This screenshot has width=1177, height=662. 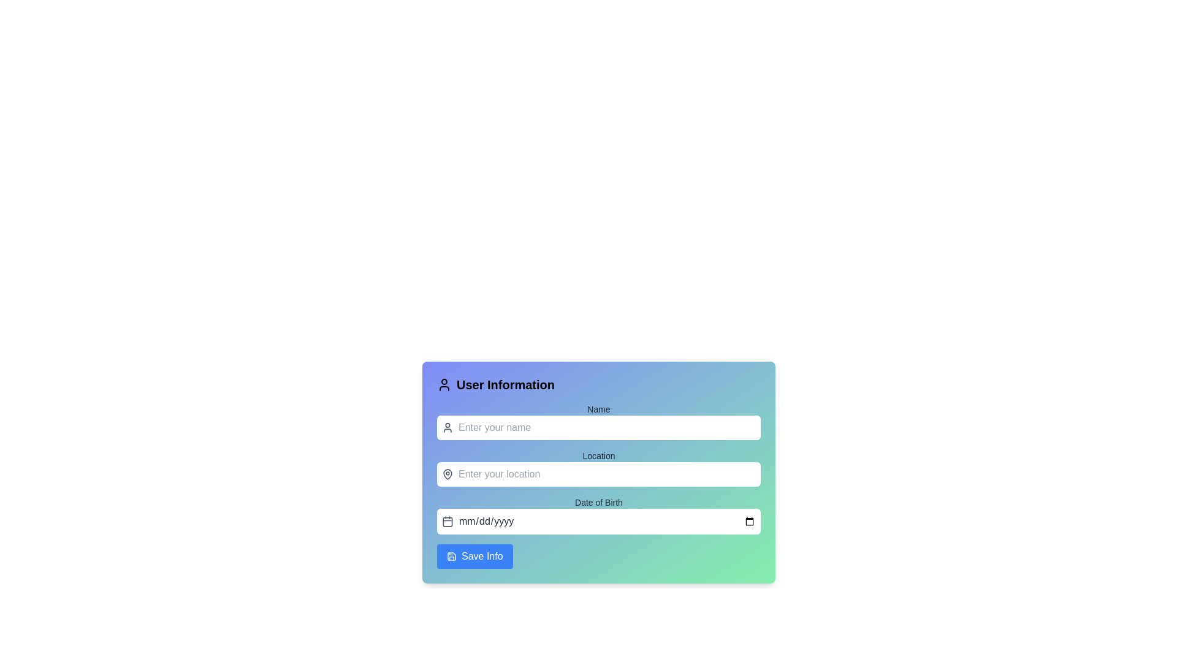 I want to click on the 'Date of Birth' label in the 'User Information' form, which is positioned above the date input box and below the 'Location' field, so click(x=599, y=503).